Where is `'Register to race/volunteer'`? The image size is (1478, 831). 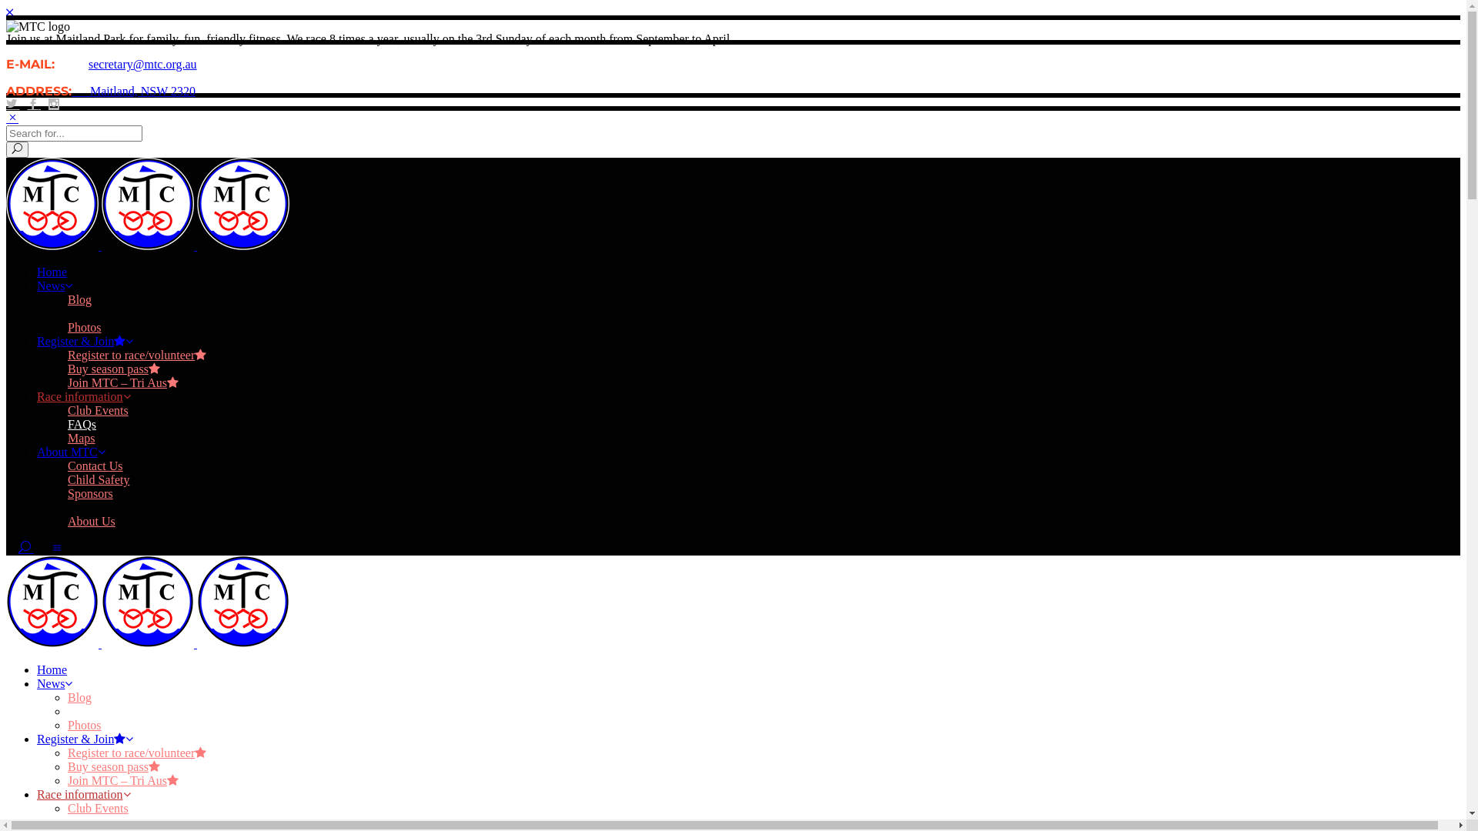 'Register to race/volunteer' is located at coordinates (136, 752).